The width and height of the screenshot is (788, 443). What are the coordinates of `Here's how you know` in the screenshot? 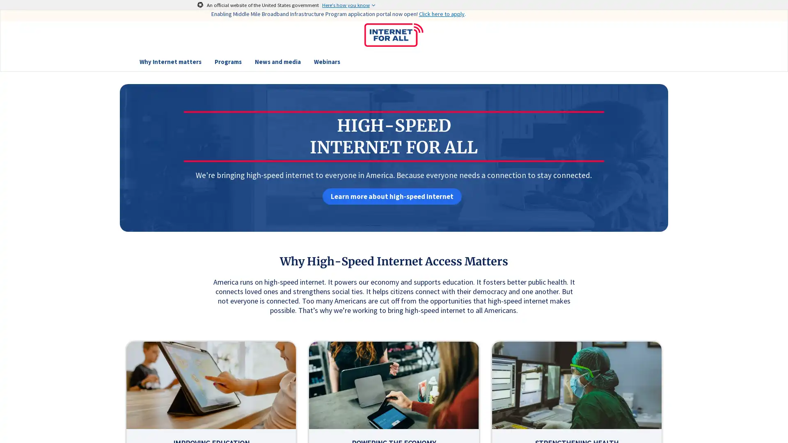 It's located at (348, 5).